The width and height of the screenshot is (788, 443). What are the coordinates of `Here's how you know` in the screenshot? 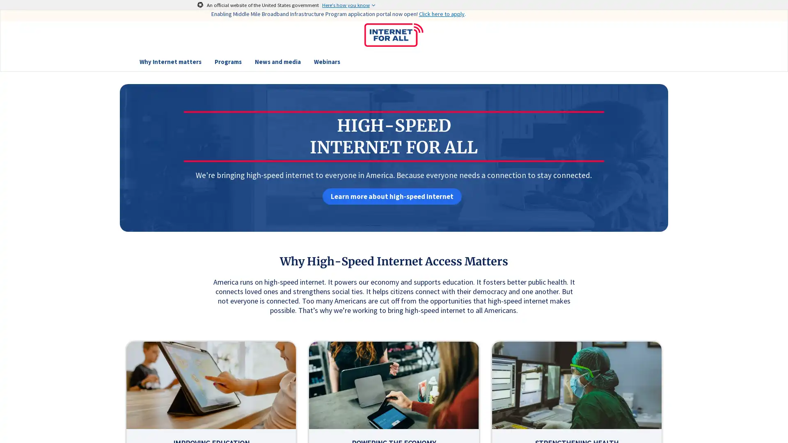 It's located at (348, 5).